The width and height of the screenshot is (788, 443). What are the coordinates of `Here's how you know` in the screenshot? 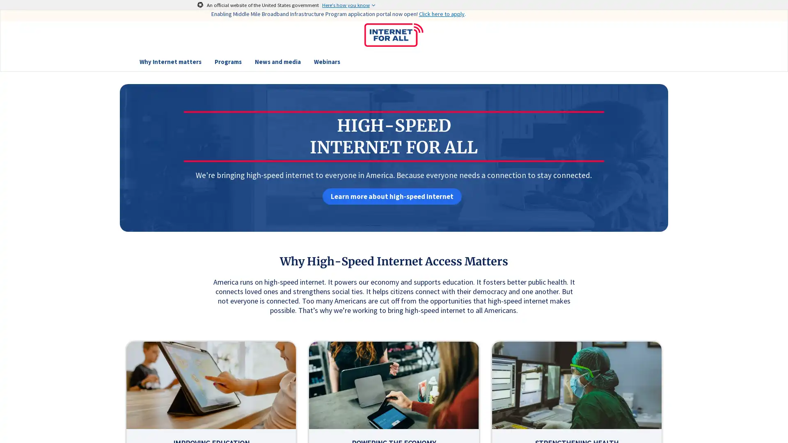 It's located at (348, 5).